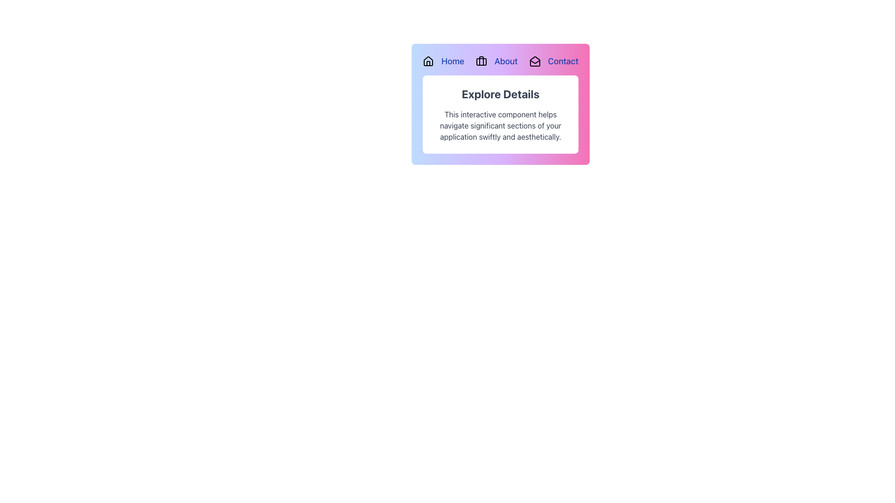  What do you see at coordinates (496, 61) in the screenshot?
I see `the hyperlink with icon that navigates to the 'About' section, located as the second item in the horizontal navigation bar near the top center of the interface` at bounding box center [496, 61].